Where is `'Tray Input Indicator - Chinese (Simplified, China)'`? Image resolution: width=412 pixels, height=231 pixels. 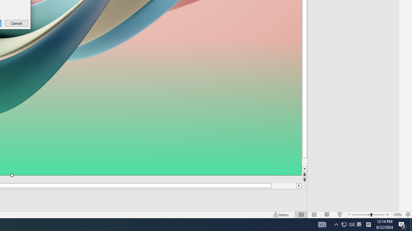
'Tray Input Indicator - Chinese (Simplified, China)' is located at coordinates (368, 224).